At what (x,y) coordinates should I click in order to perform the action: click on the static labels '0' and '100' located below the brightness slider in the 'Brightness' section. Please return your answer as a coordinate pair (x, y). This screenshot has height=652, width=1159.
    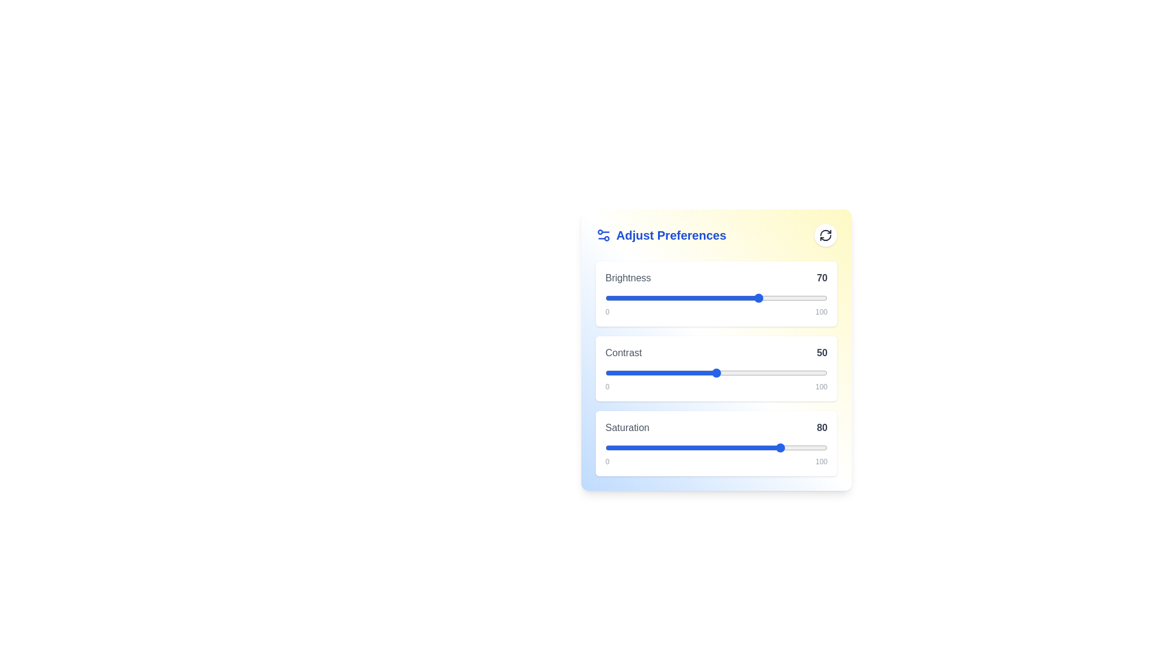
    Looking at the image, I should click on (716, 311).